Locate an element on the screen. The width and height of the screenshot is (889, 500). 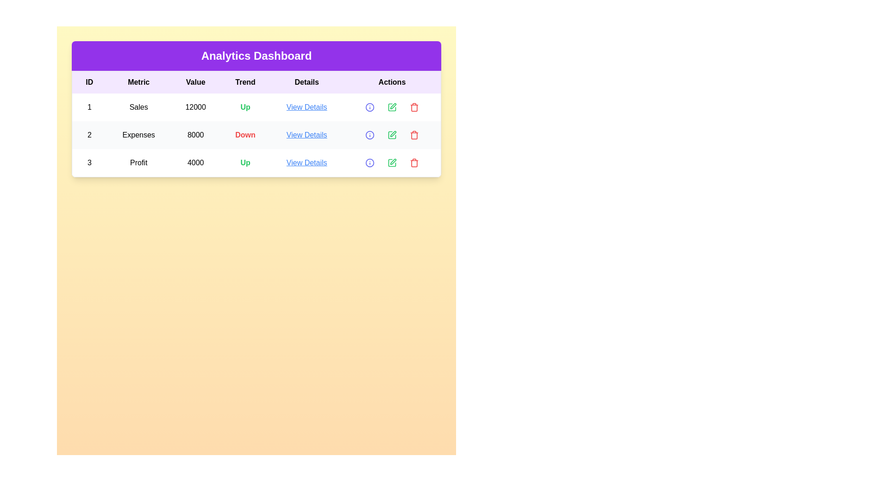
the header Text label for the 'Actions' column, which is located in the sixth position from the left in the header row of the table is located at coordinates (392, 81).